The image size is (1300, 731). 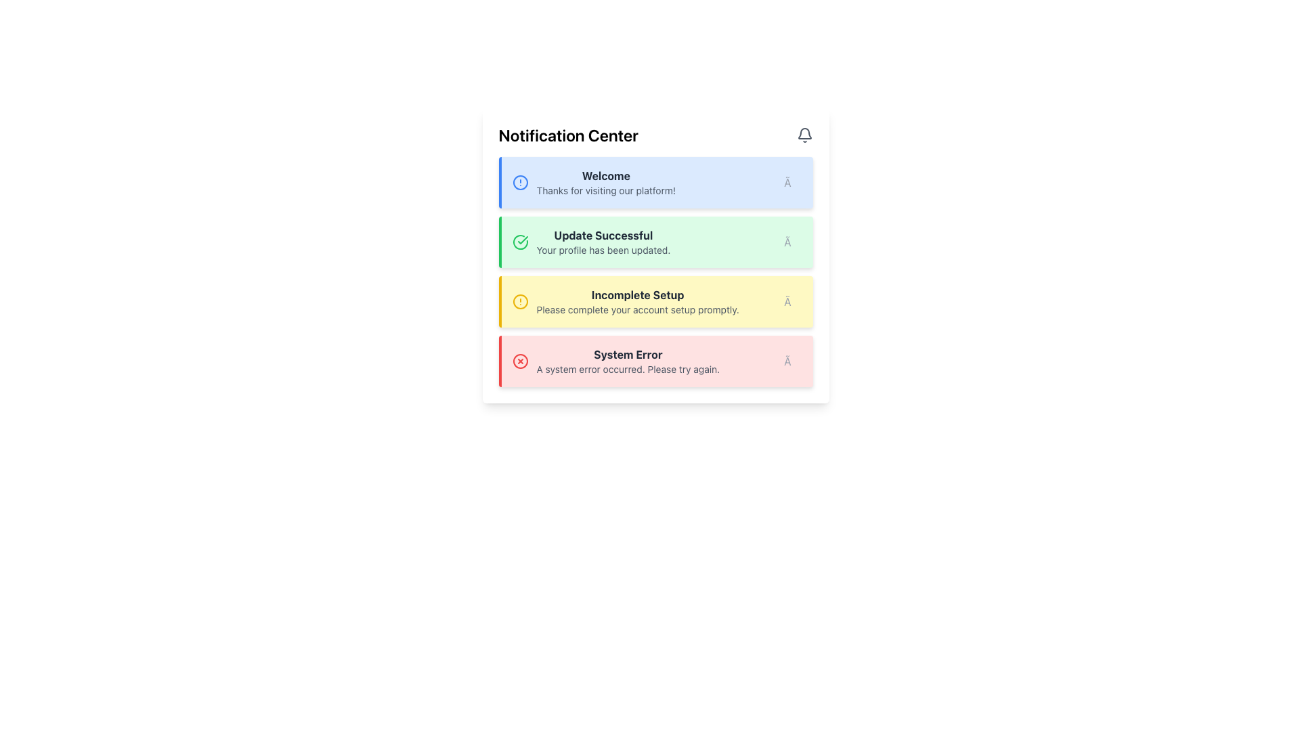 I want to click on the text label providing additional information in the blue notification panel under the 'Welcome' text, so click(x=605, y=190).